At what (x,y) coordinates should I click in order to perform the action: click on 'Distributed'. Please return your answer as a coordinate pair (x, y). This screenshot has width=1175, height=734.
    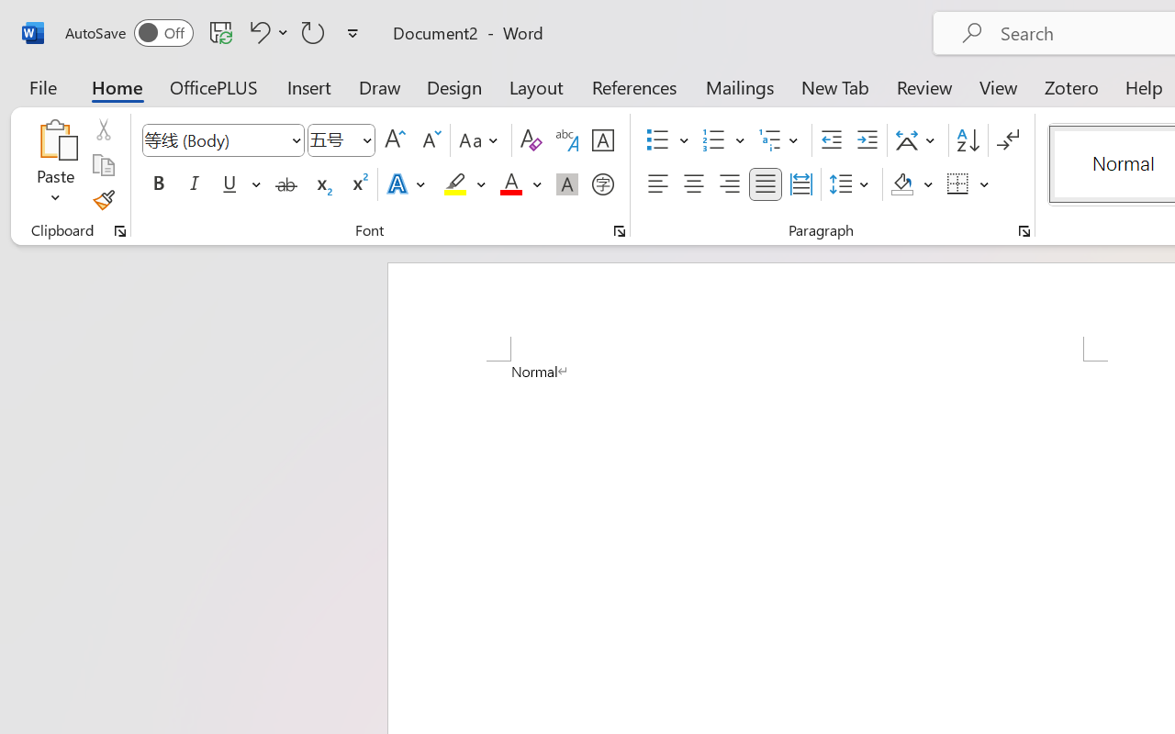
    Looking at the image, I should click on (800, 184).